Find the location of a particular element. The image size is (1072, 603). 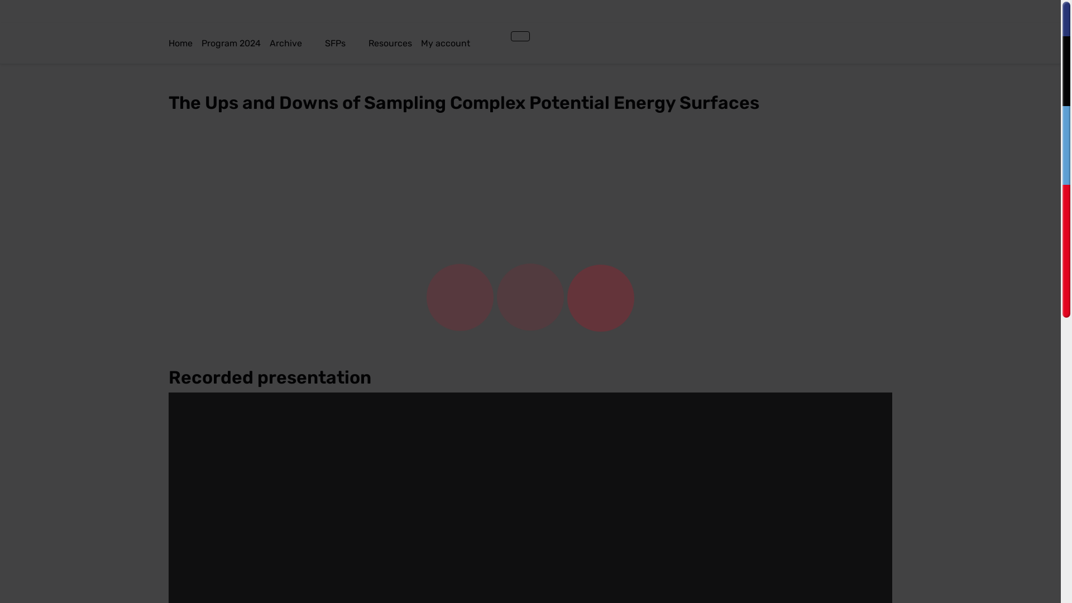

'Resources' is located at coordinates (394, 42).